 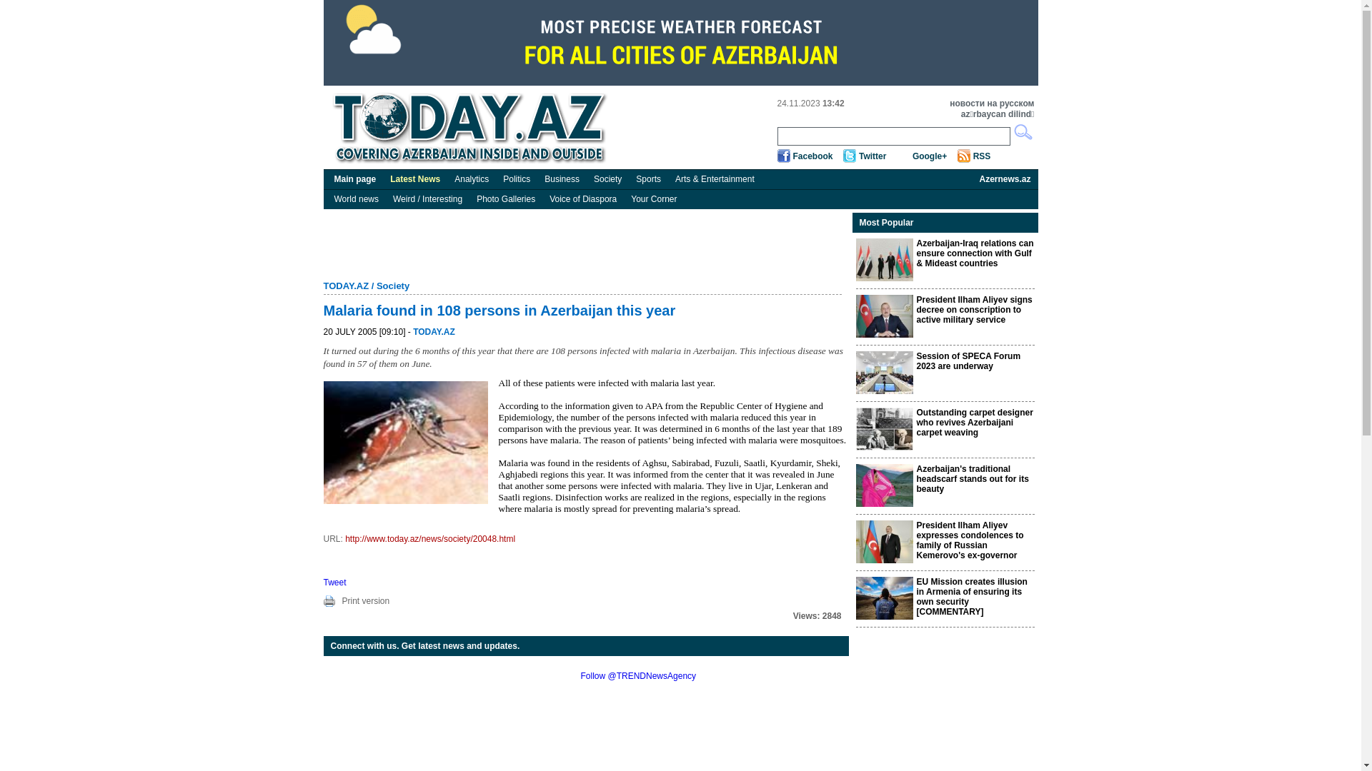 What do you see at coordinates (333, 583) in the screenshot?
I see `'Tweet'` at bounding box center [333, 583].